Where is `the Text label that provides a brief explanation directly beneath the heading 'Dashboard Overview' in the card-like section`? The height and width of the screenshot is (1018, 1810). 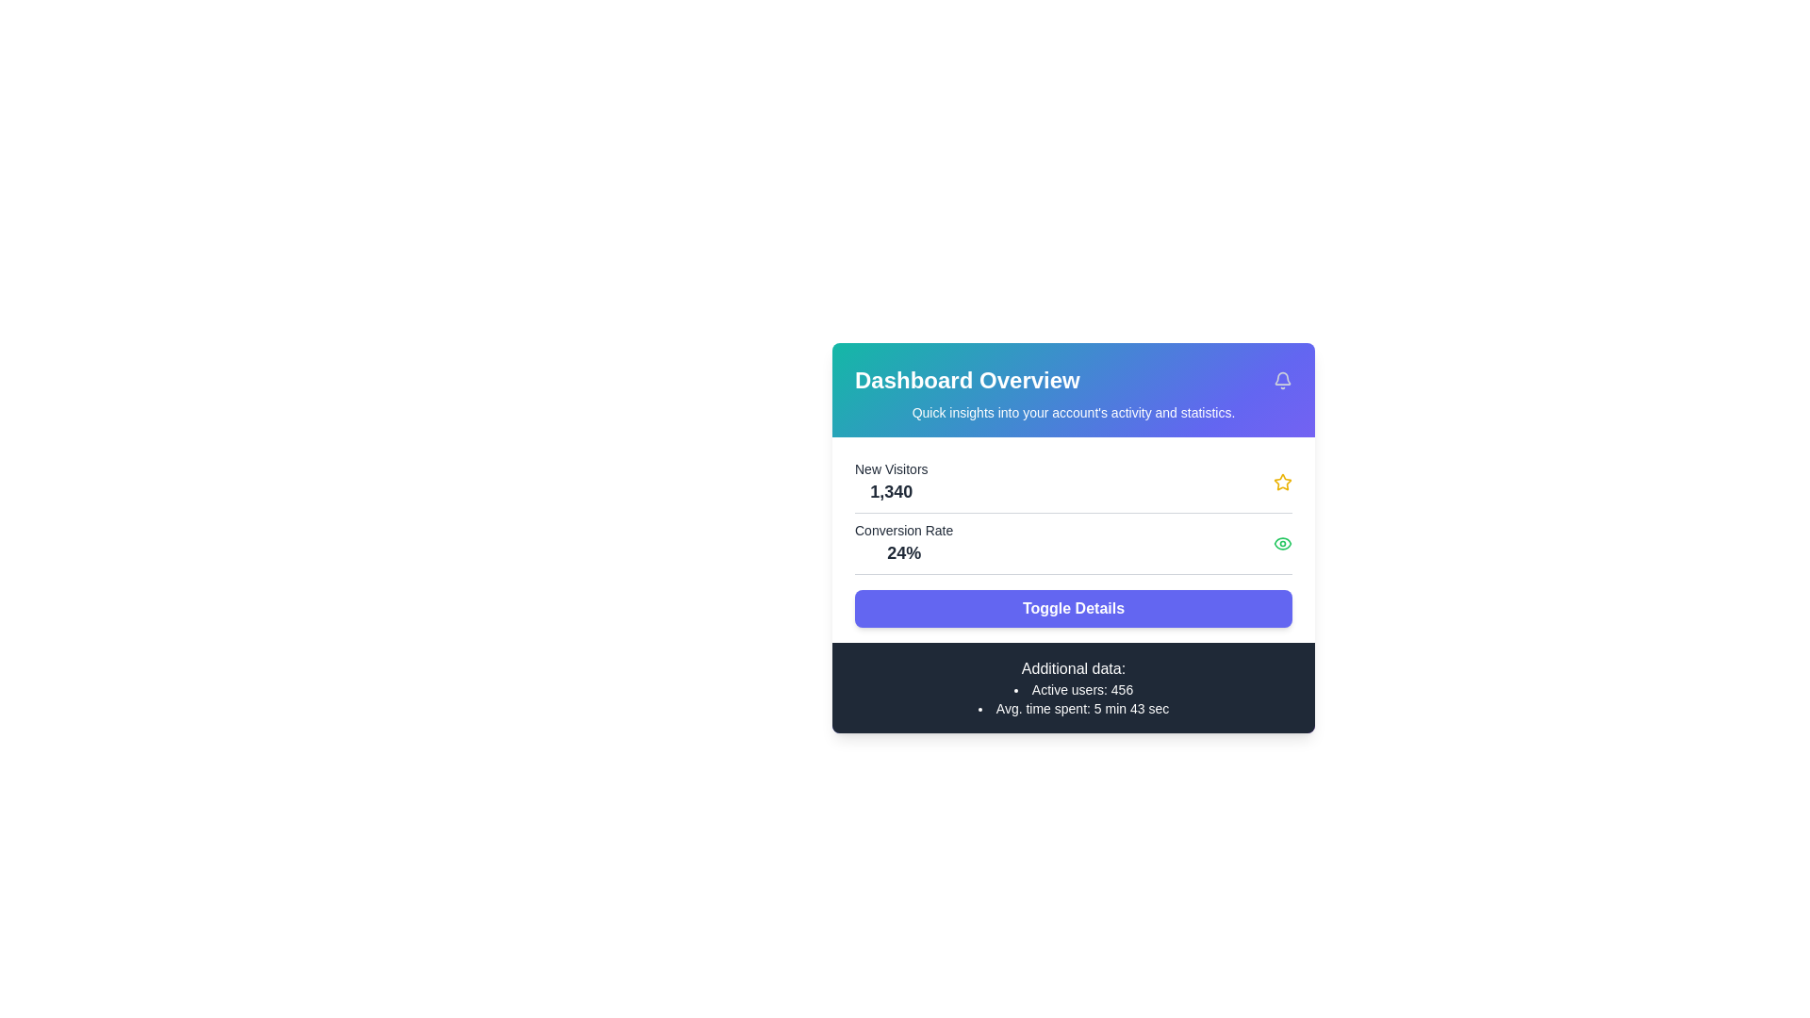 the Text label that provides a brief explanation directly beneath the heading 'Dashboard Overview' in the card-like section is located at coordinates (1073, 412).